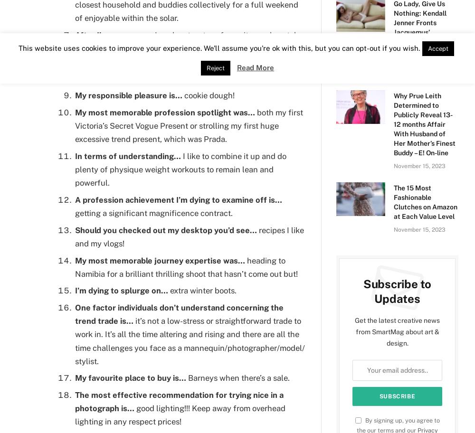 This screenshot has height=433, width=475. I want to click on 'good lighting!!! Keep away from overhead lighting in any respect prices!', so click(180, 414).